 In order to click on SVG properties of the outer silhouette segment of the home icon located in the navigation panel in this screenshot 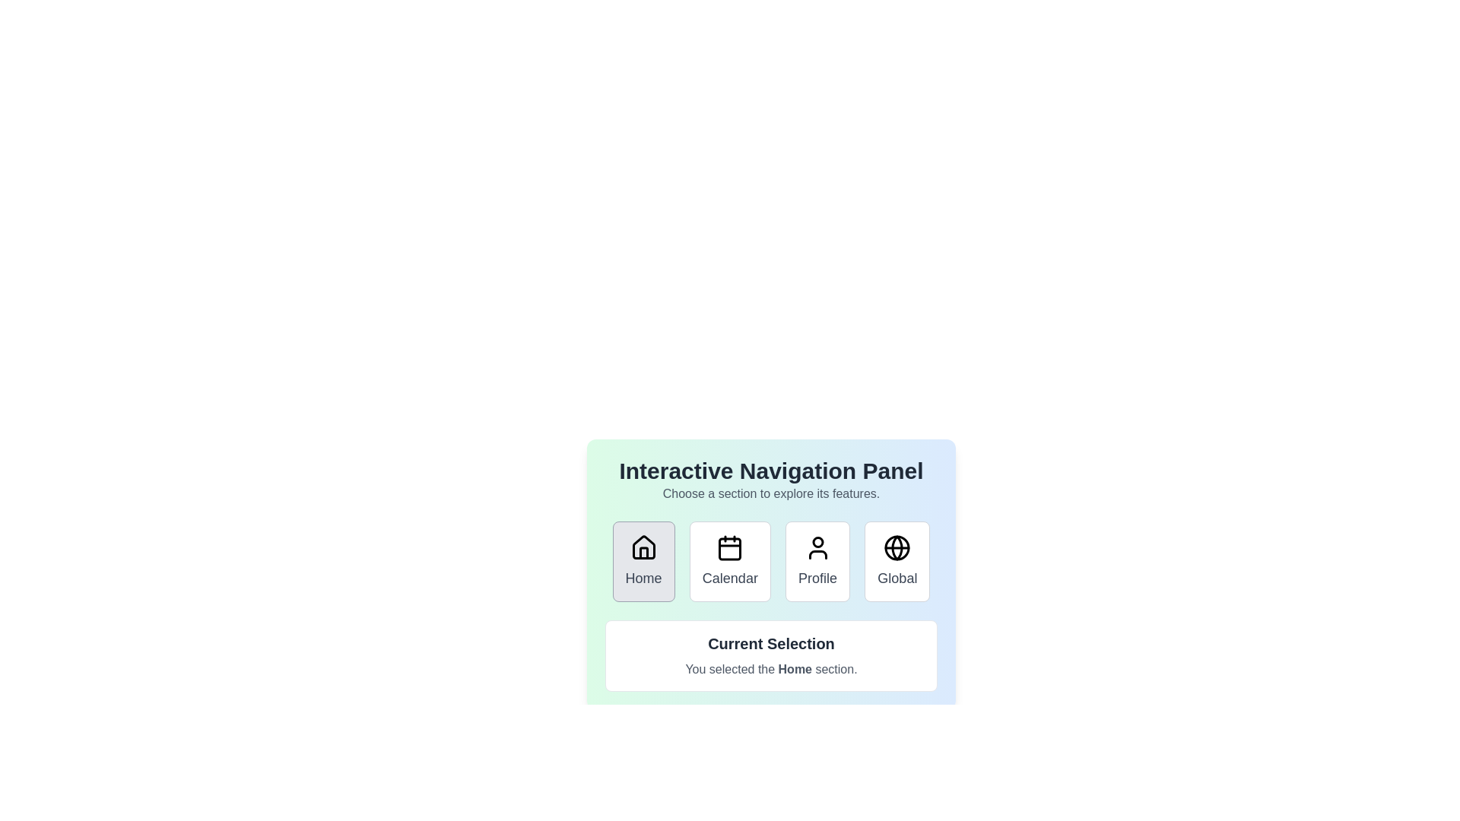, I will do `click(643, 547)`.